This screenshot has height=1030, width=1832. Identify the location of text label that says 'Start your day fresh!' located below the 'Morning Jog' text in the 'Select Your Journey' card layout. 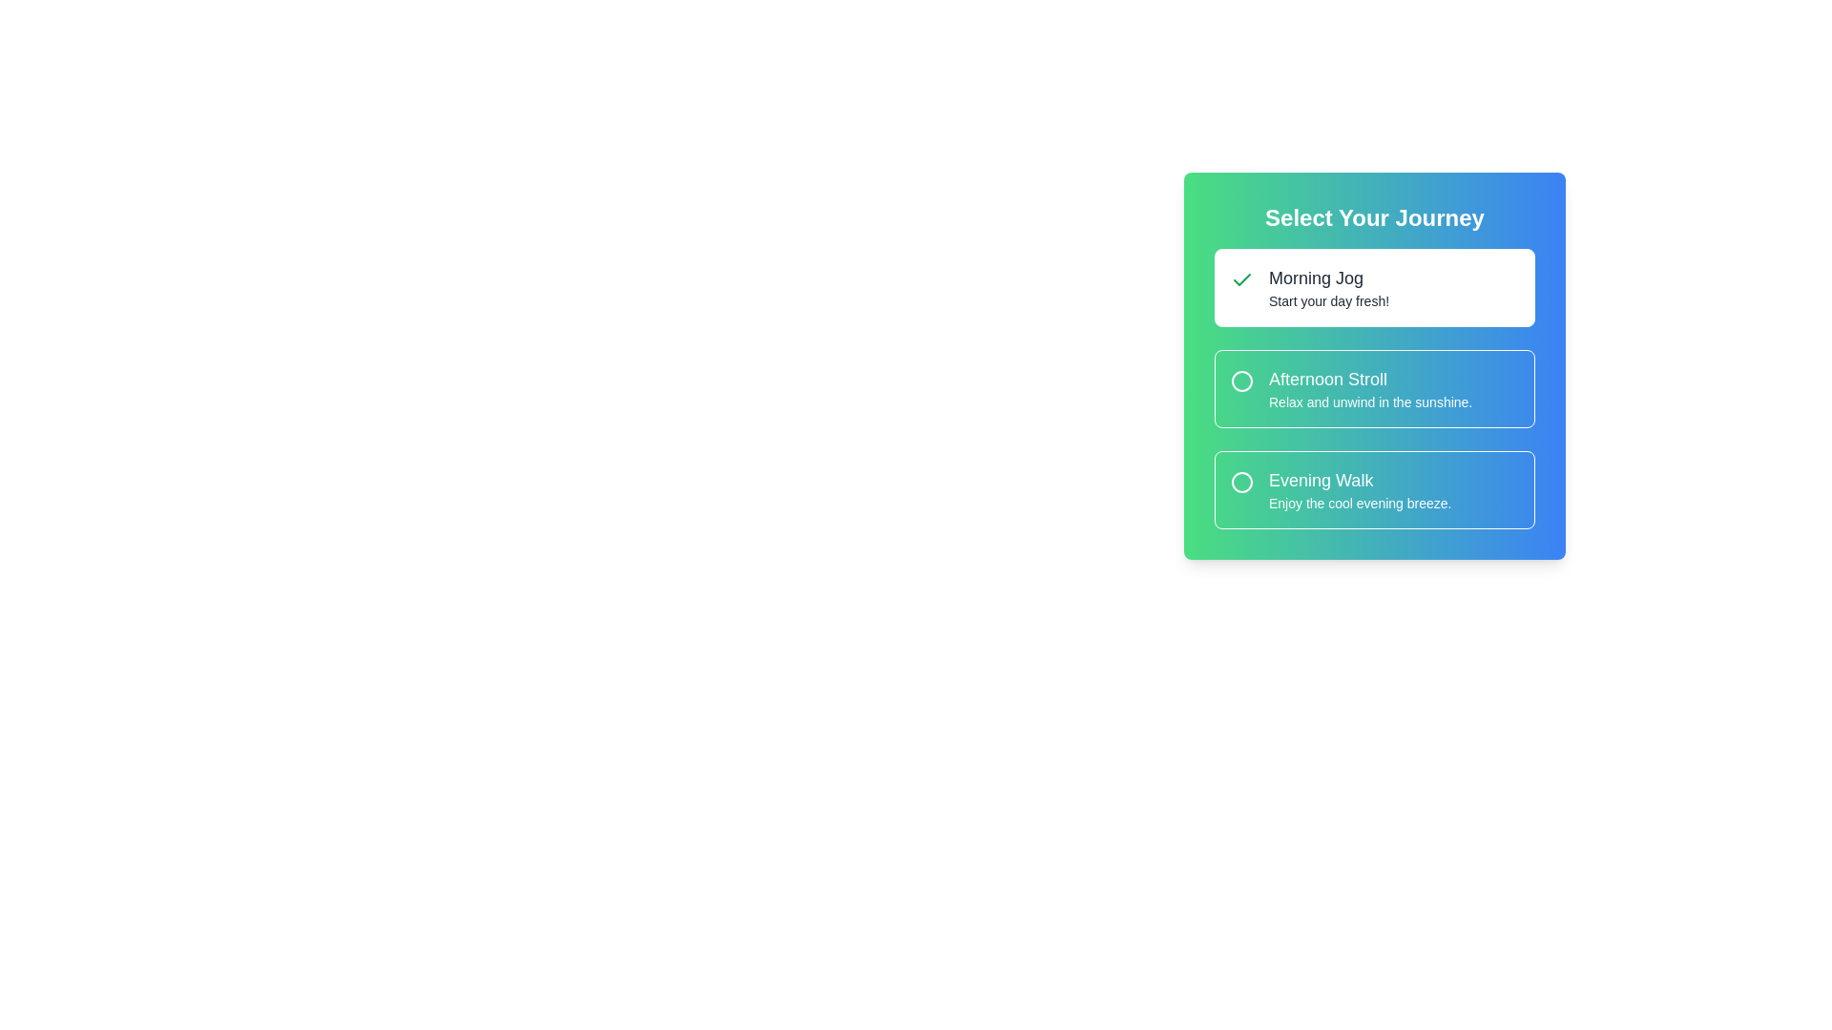
(1327, 300).